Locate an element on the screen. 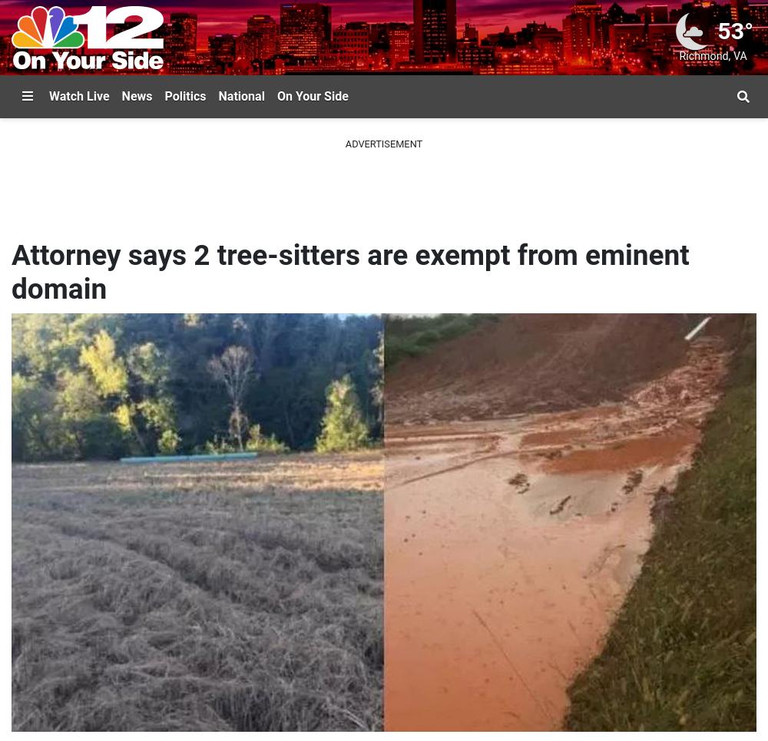 This screenshot has width=768, height=741. 'On Your Side' is located at coordinates (276, 95).